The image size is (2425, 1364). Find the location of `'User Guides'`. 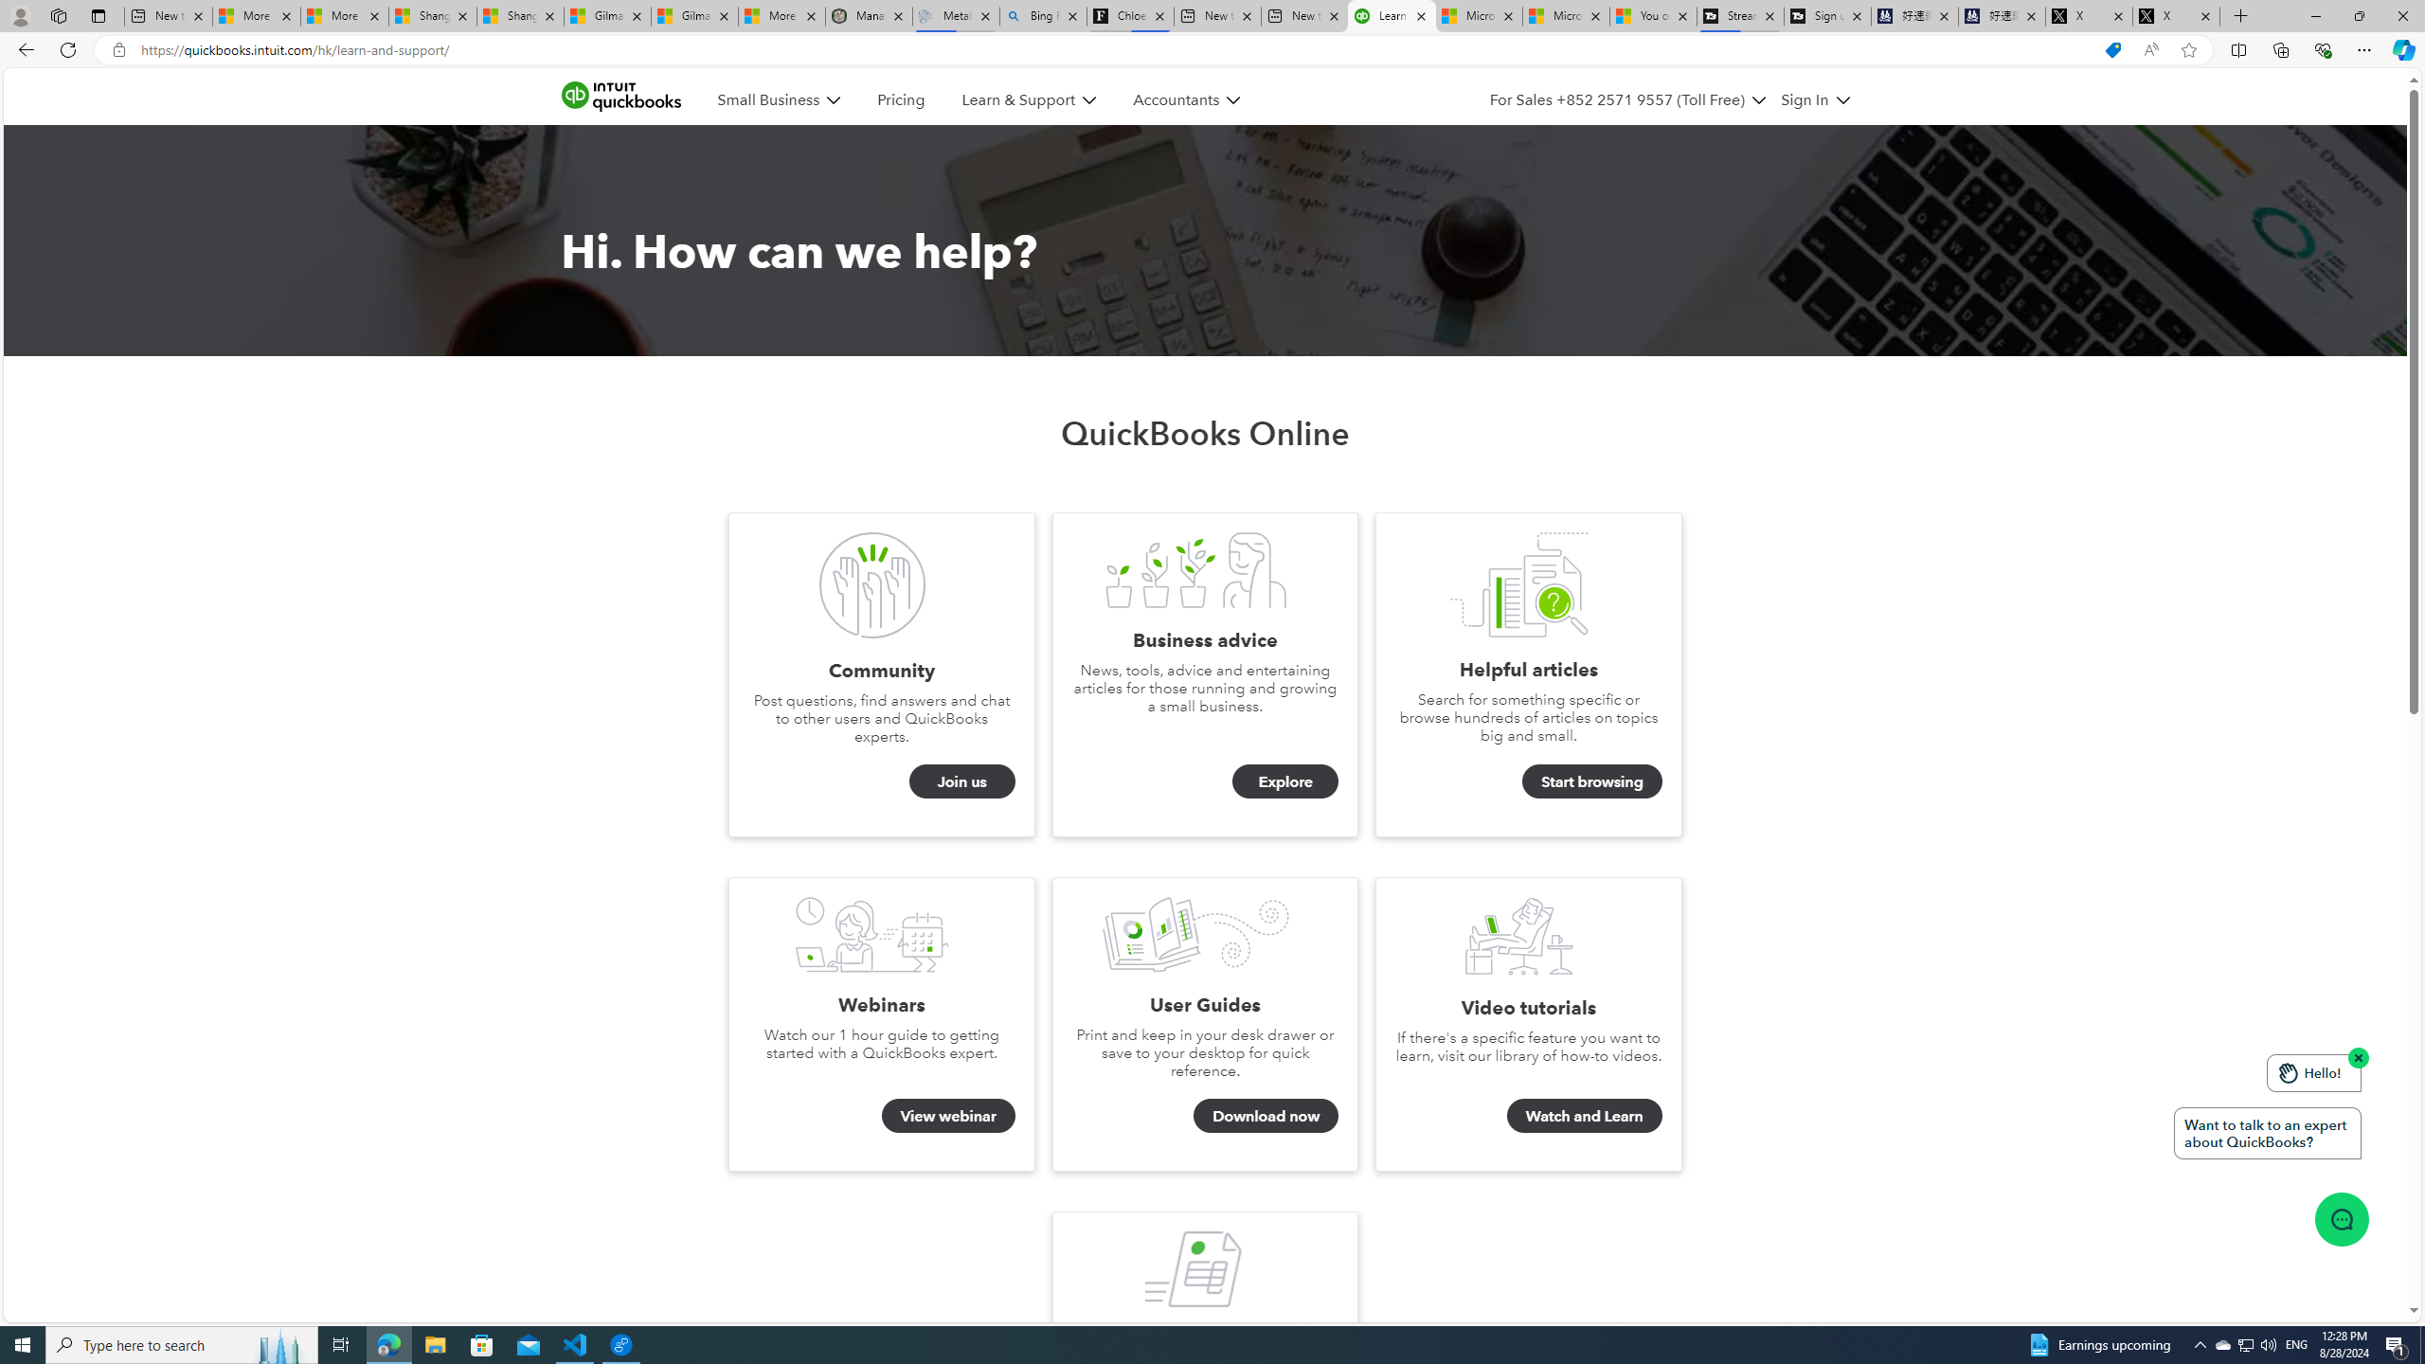

'User Guides' is located at coordinates (1195, 935).